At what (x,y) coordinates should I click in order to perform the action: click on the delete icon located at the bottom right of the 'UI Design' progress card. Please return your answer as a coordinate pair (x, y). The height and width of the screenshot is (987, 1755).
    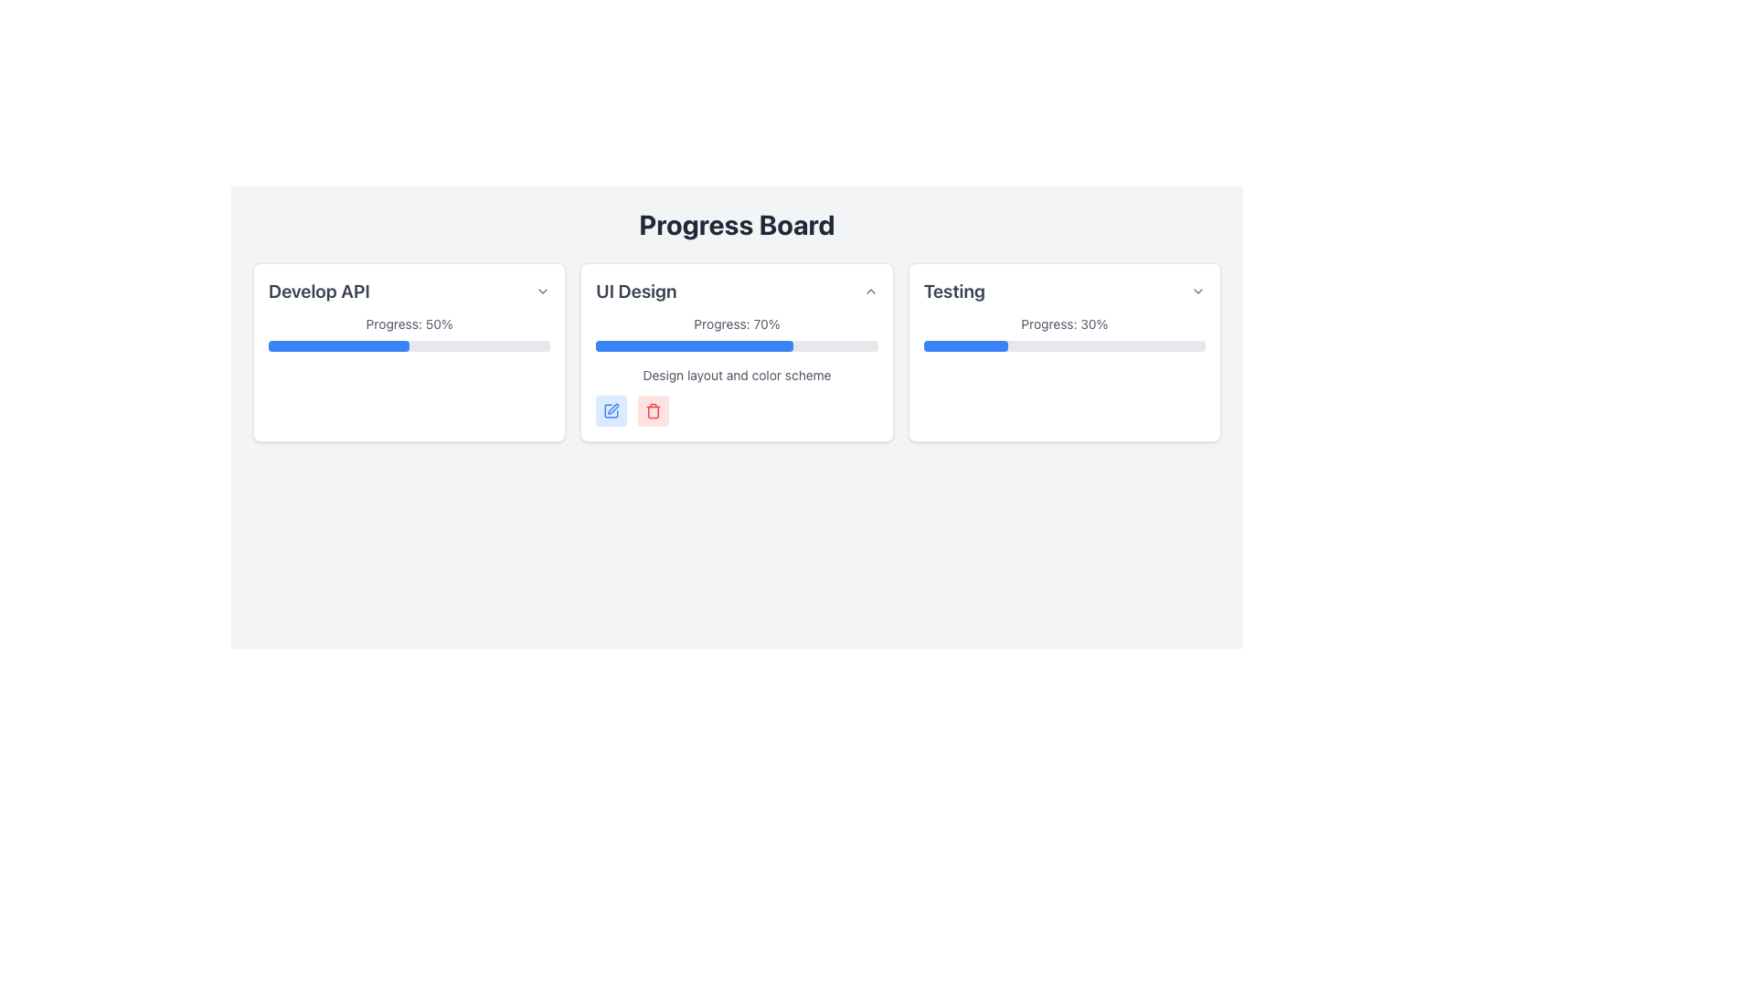
    Looking at the image, I should click on (654, 412).